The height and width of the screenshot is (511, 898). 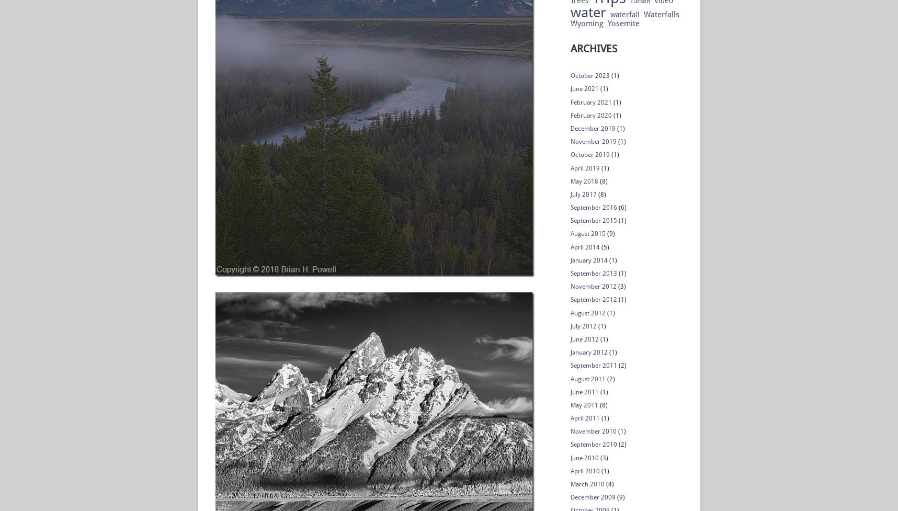 I want to click on 'November 2010', so click(x=570, y=430).